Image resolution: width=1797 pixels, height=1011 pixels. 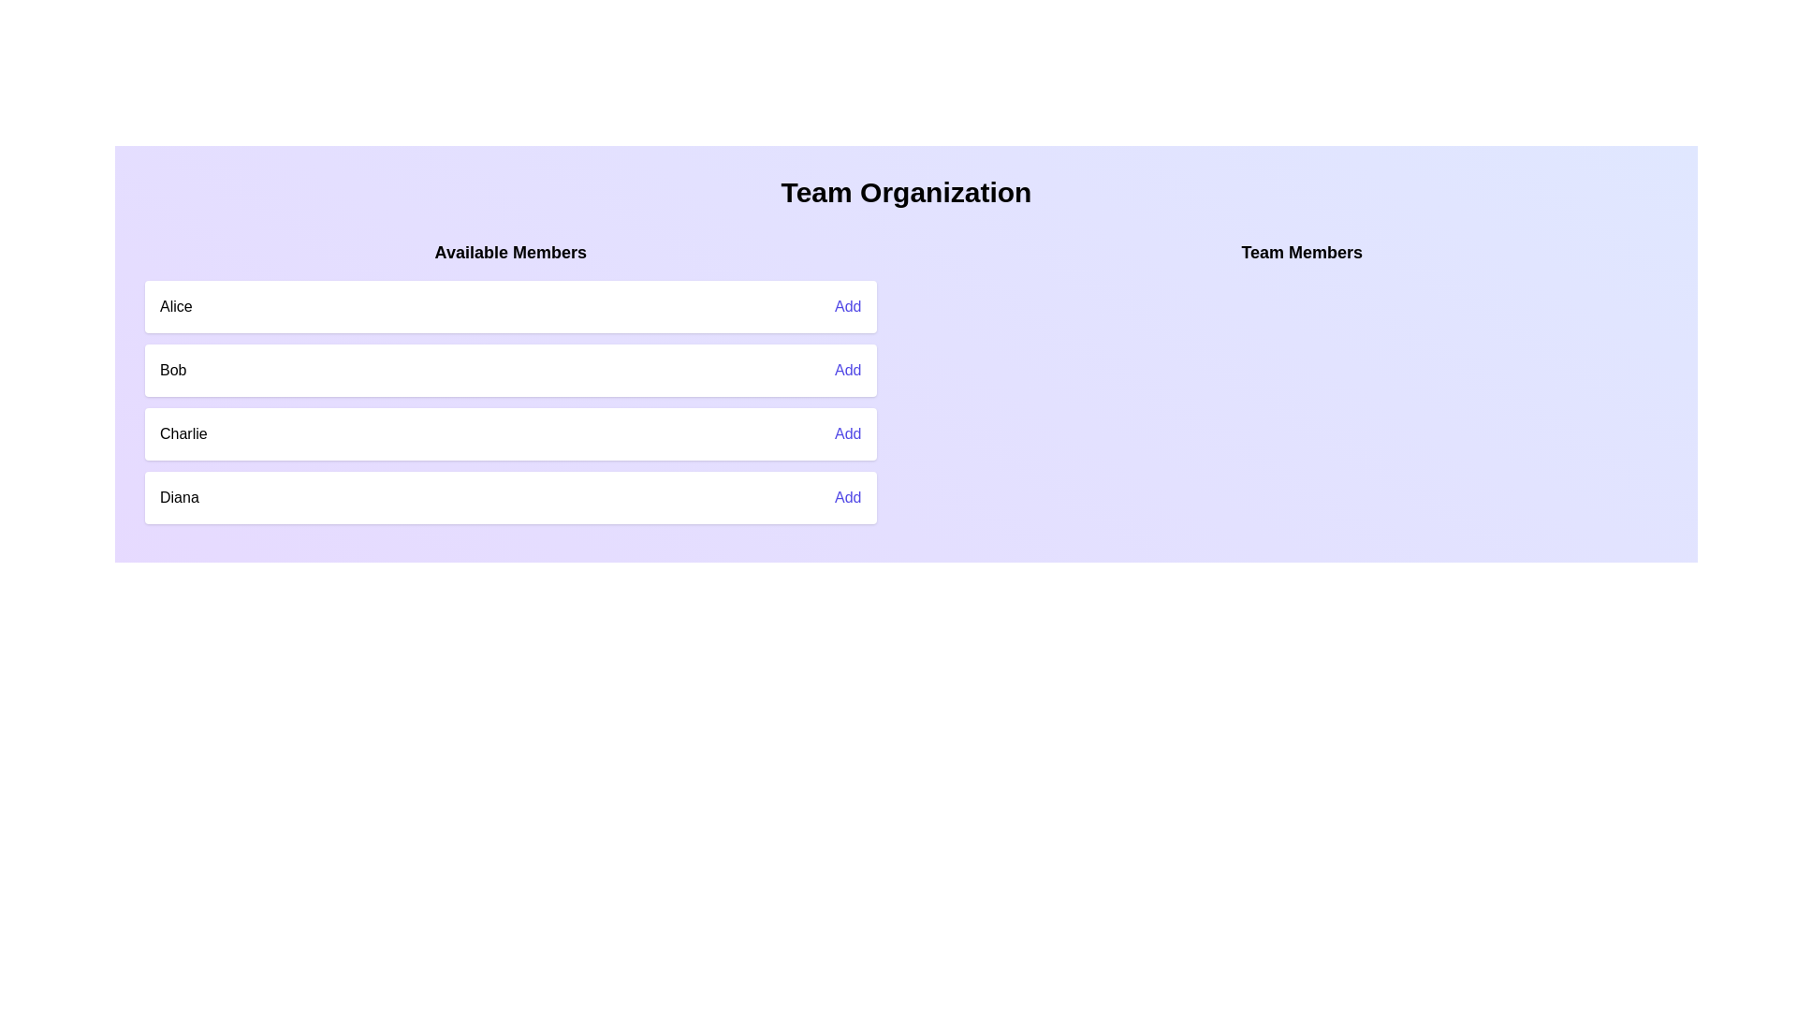 What do you see at coordinates (847, 433) in the screenshot?
I see `'Add' button for the member Charlie to add them to the team` at bounding box center [847, 433].